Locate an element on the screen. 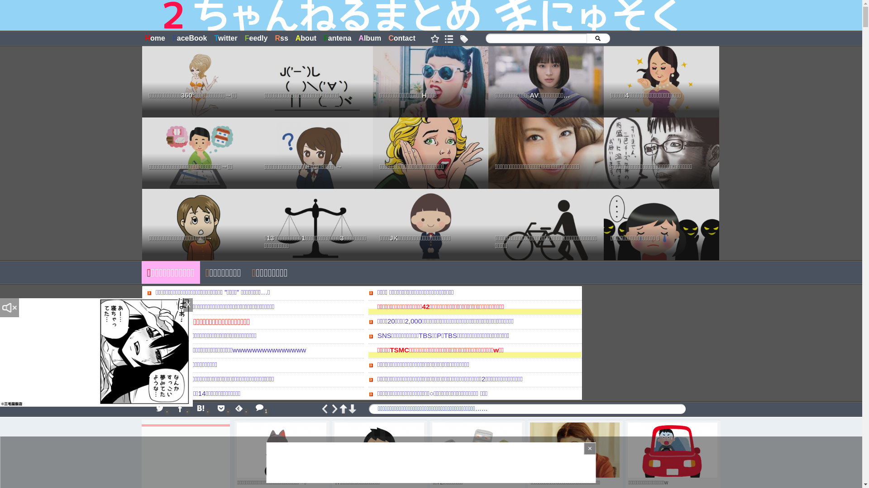 This screenshot has height=488, width=869. 'Fantena' is located at coordinates (337, 38).